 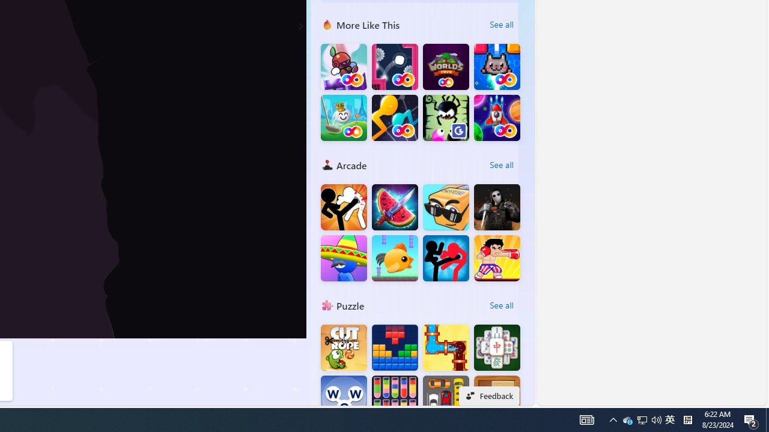 I want to click on 'Hunter Hitman', so click(x=497, y=206).